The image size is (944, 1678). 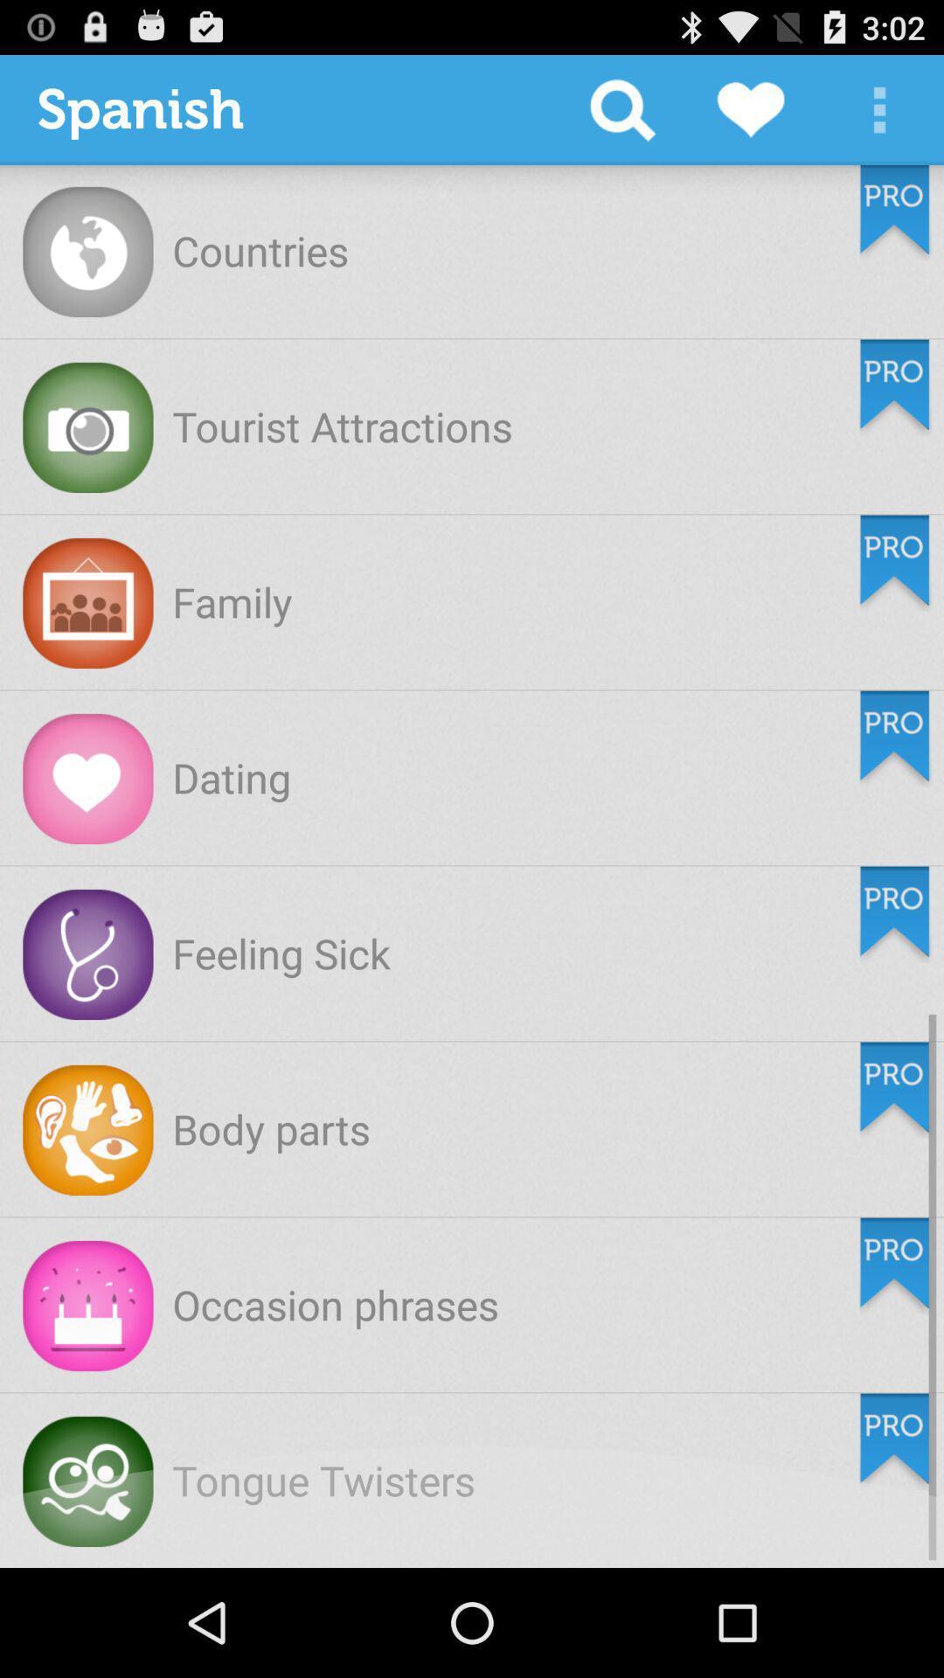 I want to click on body parts item, so click(x=271, y=1128).